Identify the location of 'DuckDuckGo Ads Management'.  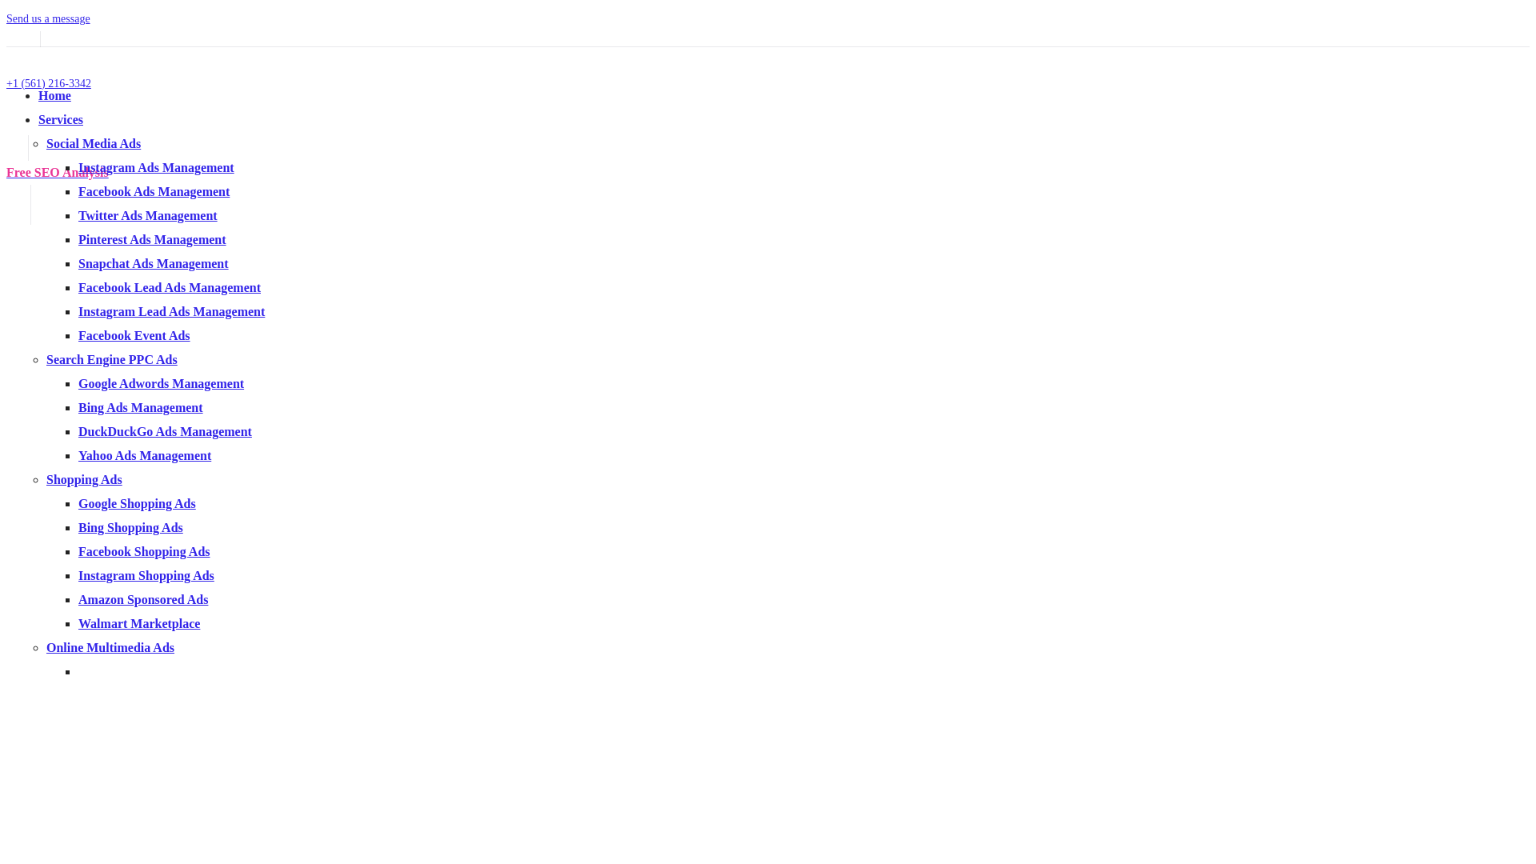
(165, 430).